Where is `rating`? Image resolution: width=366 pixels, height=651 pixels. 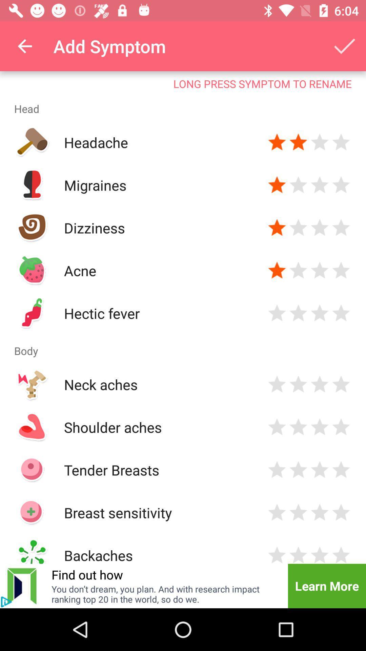
rating is located at coordinates (341, 270).